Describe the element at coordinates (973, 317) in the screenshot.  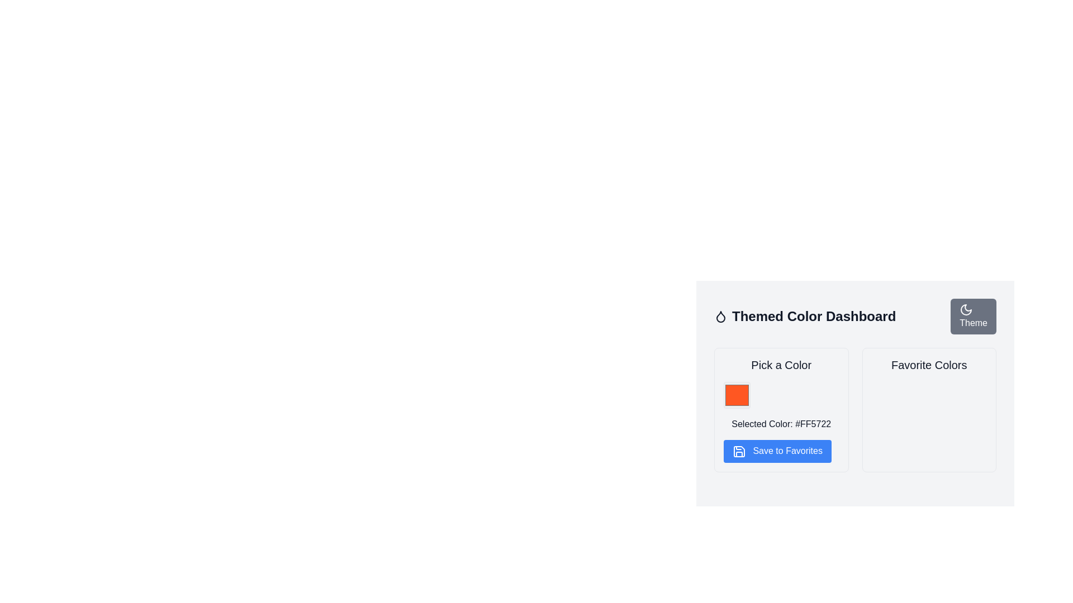
I see `the gray button labeled 'Theme' located in the top-right corner of the interface` at that location.